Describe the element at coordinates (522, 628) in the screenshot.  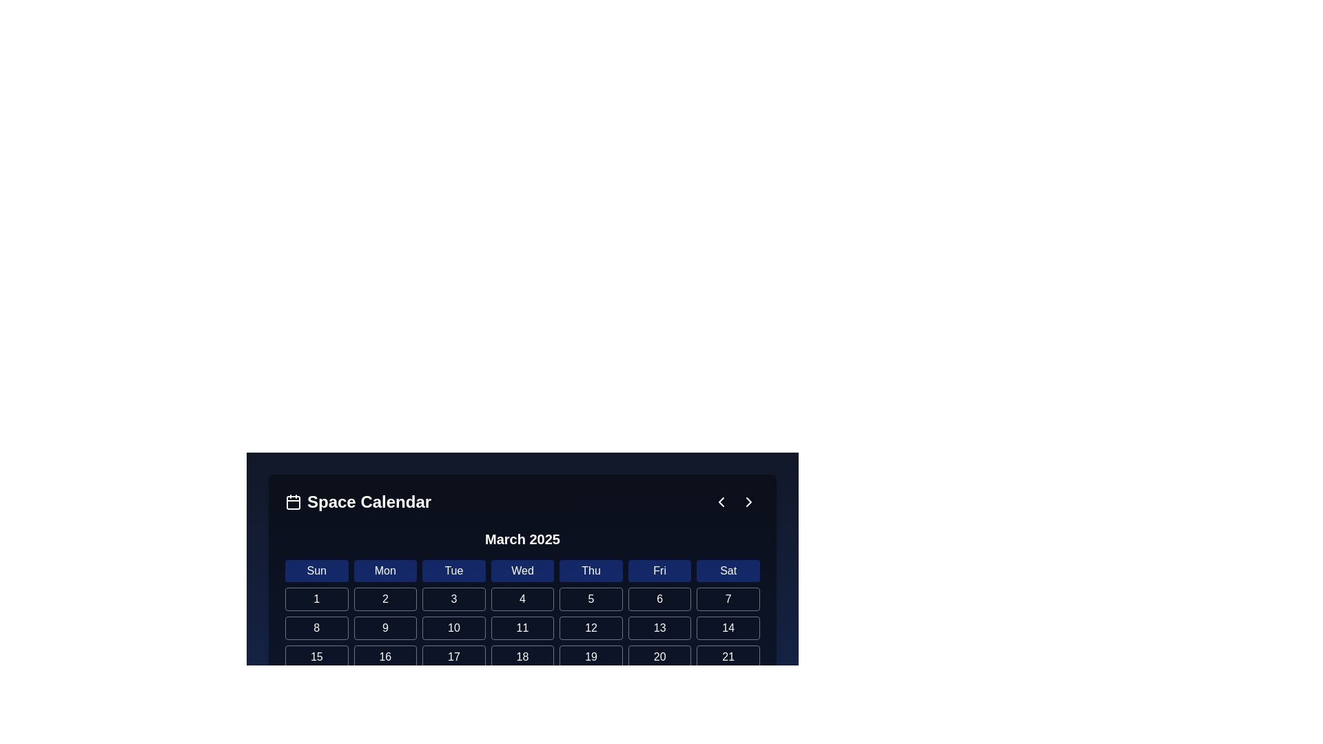
I see `the Text label that displays the number '11' in a button-like layout within the calendar grid, located in the third row and fourth column under 'Wed'` at that location.